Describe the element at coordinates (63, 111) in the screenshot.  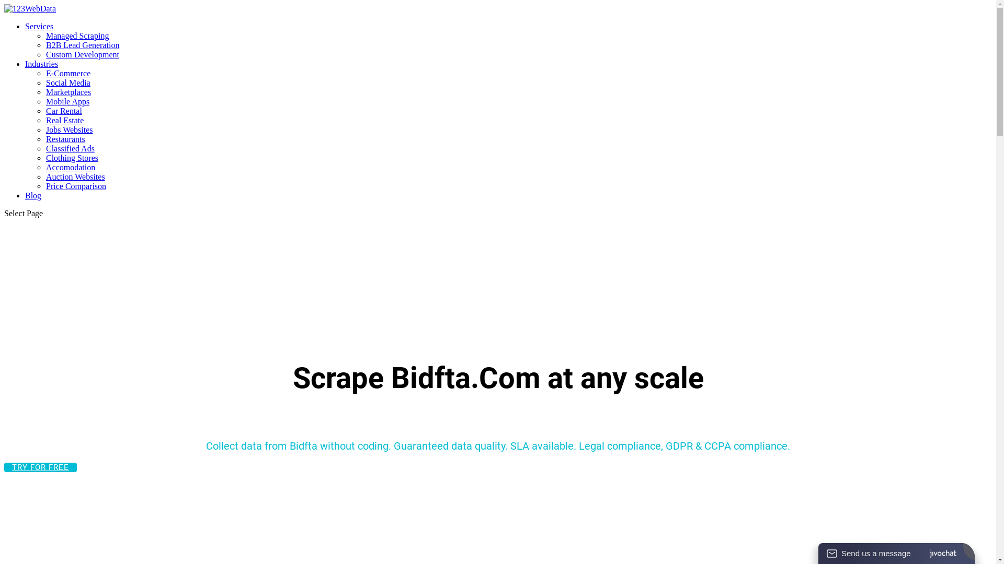
I see `'Car Rental'` at that location.